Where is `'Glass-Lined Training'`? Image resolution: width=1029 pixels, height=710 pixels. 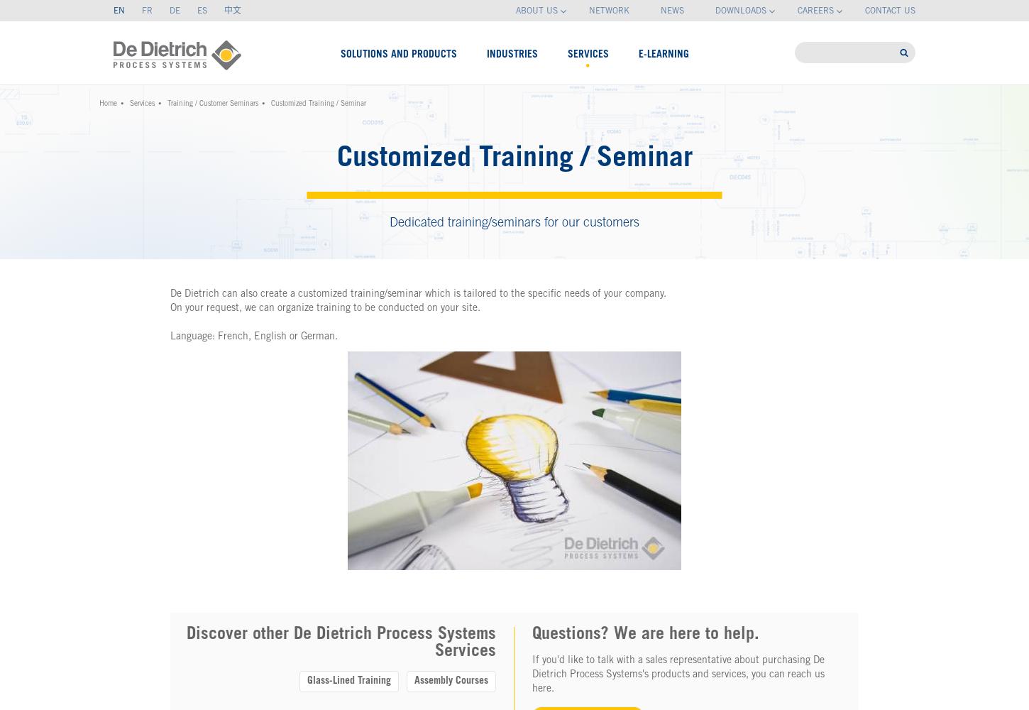
'Glass-Lined Training' is located at coordinates (348, 681).